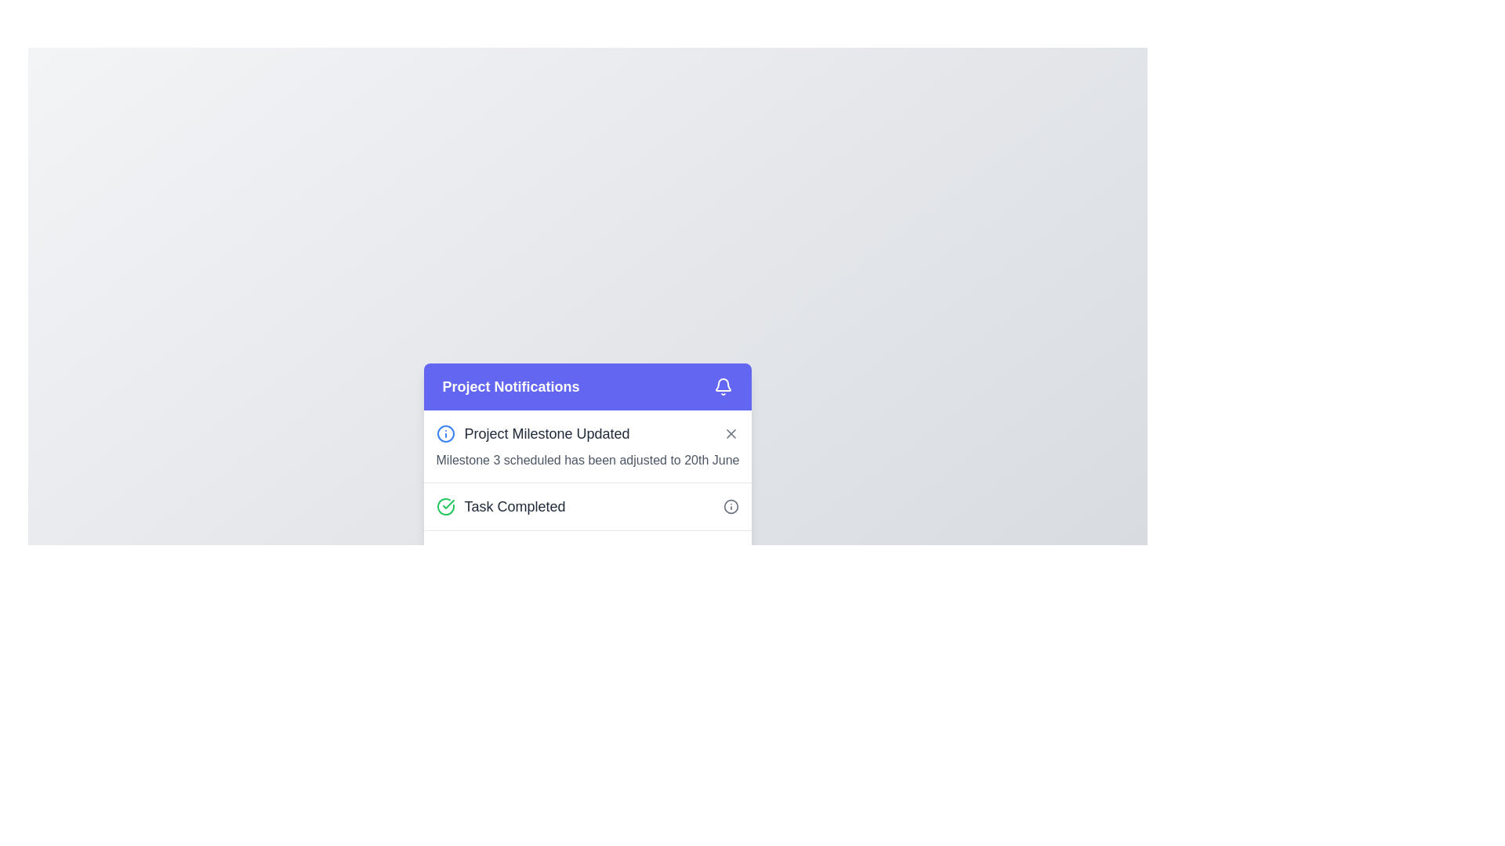 This screenshot has height=846, width=1505. I want to click on the interactive icon located at the far right of the 'Task Completed' row in the notification panel, so click(731, 507).